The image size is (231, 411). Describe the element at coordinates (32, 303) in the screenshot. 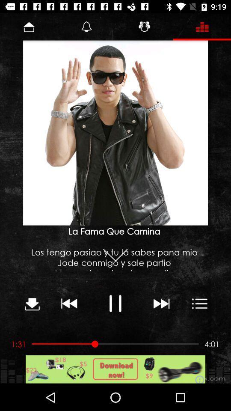

I see `download button` at that location.